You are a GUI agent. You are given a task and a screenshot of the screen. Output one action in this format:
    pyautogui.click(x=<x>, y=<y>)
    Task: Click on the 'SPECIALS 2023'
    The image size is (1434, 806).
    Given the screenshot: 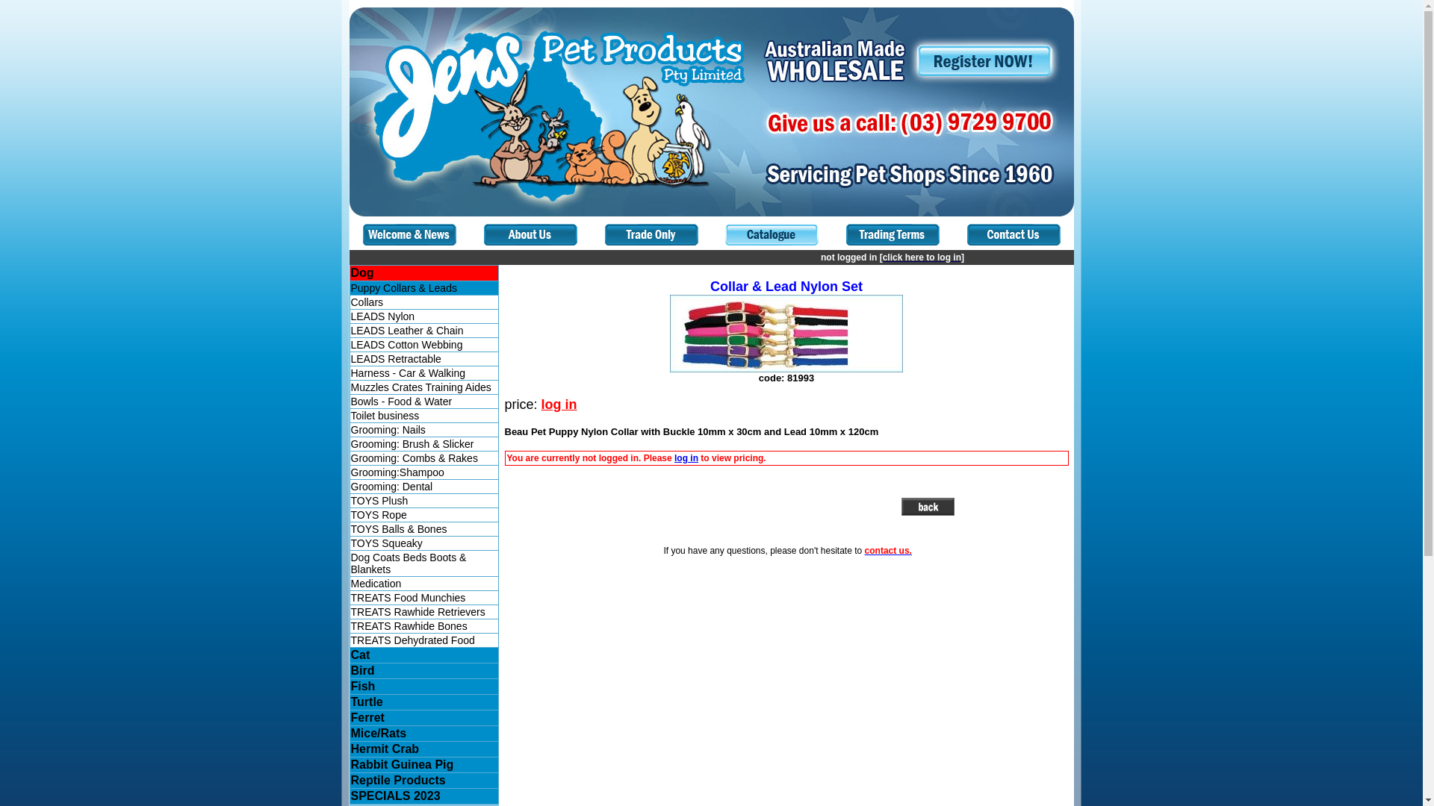 What is the action you would take?
    pyautogui.click(x=422, y=796)
    